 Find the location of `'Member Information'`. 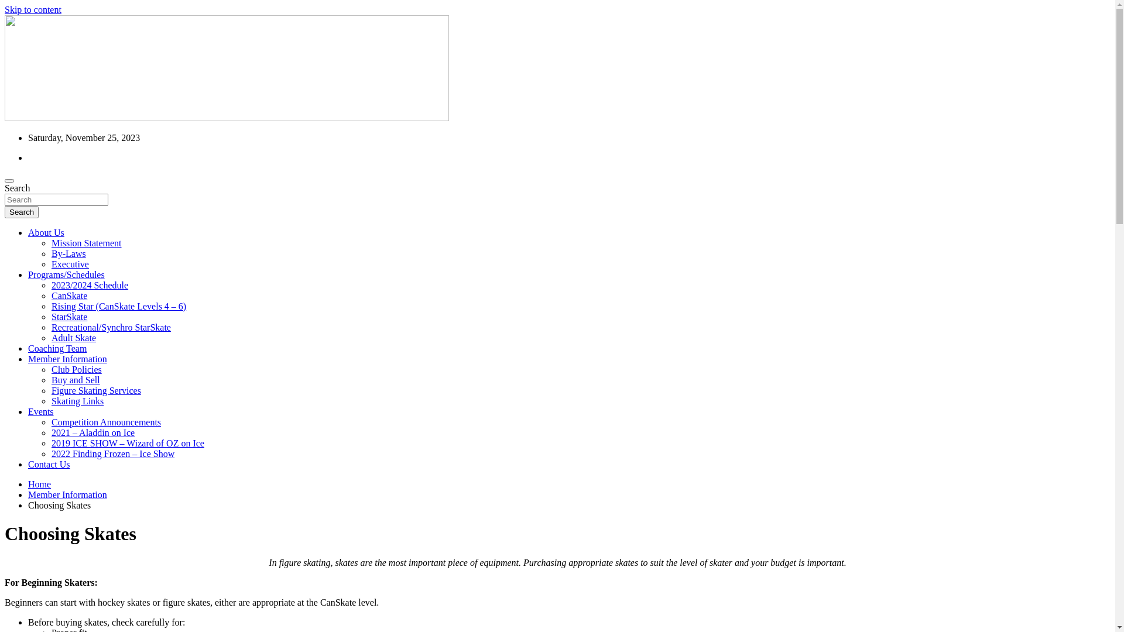

'Member Information' is located at coordinates (67, 494).